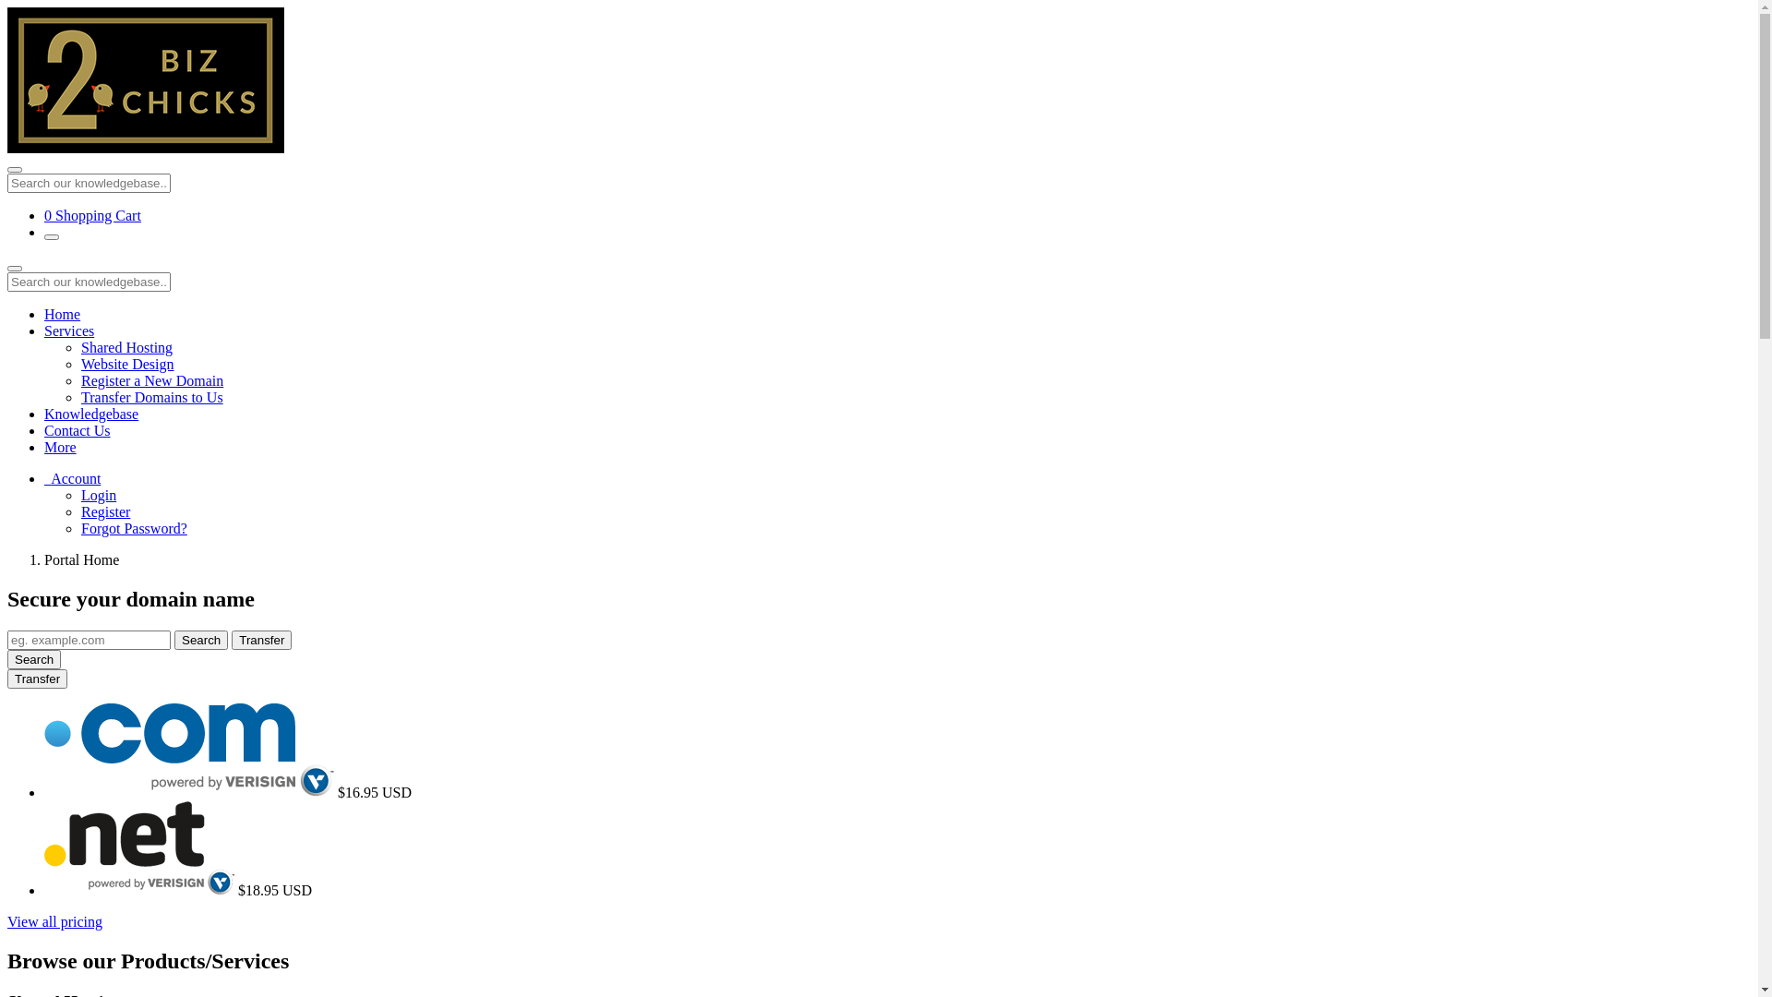 Image resolution: width=1772 pixels, height=997 pixels. I want to click on 'More', so click(60, 447).